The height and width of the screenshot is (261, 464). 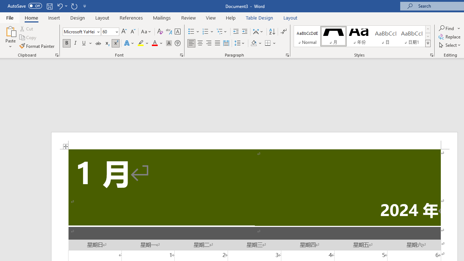 What do you see at coordinates (28, 37) in the screenshot?
I see `'Copy'` at bounding box center [28, 37].